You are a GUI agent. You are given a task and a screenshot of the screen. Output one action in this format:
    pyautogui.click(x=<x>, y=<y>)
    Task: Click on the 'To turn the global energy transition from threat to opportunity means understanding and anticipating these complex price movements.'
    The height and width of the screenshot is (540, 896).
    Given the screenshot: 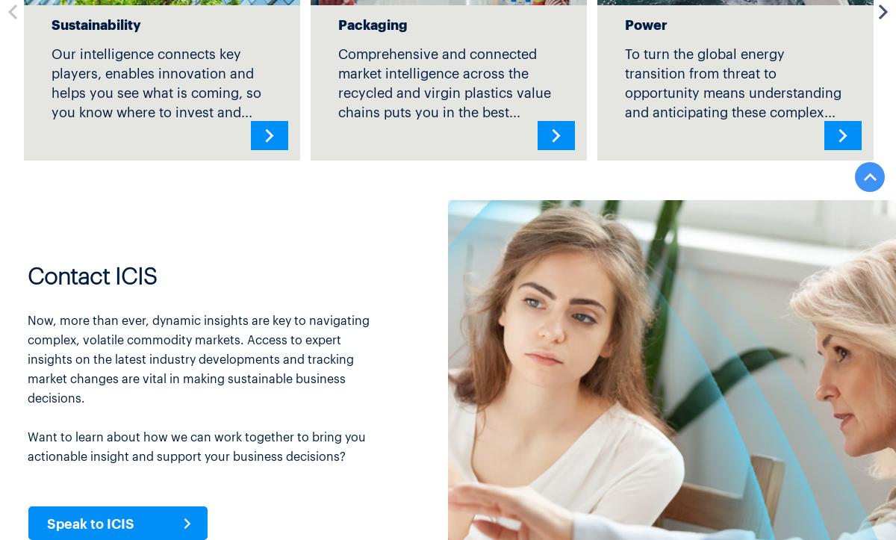 What is the action you would take?
    pyautogui.click(x=732, y=90)
    